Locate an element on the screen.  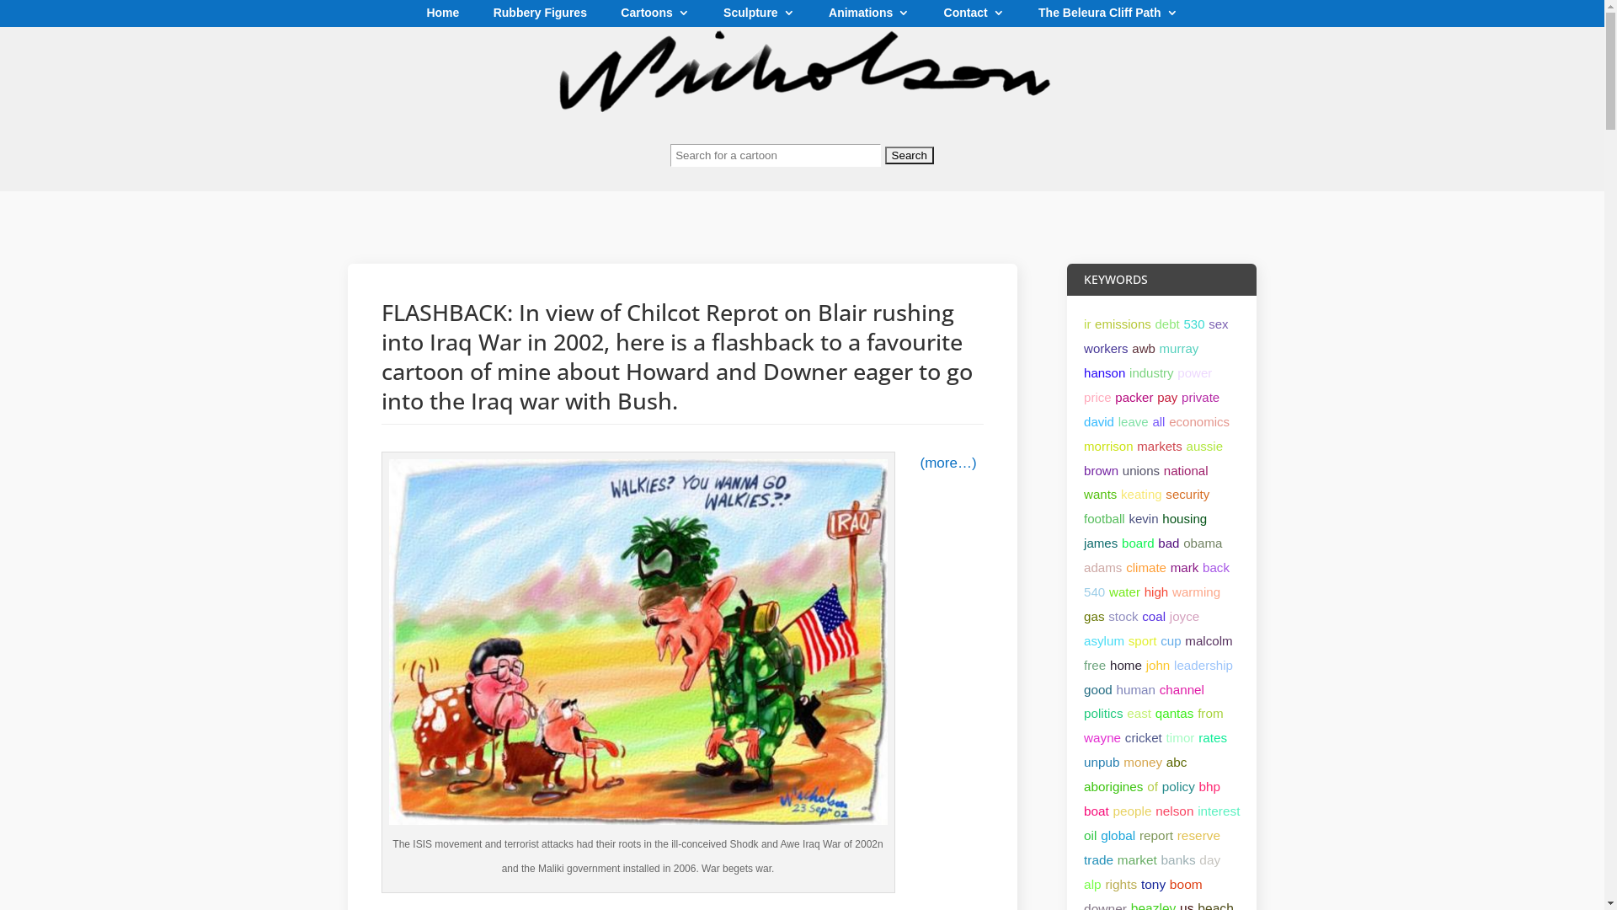
'joyce' is located at coordinates (1168, 616).